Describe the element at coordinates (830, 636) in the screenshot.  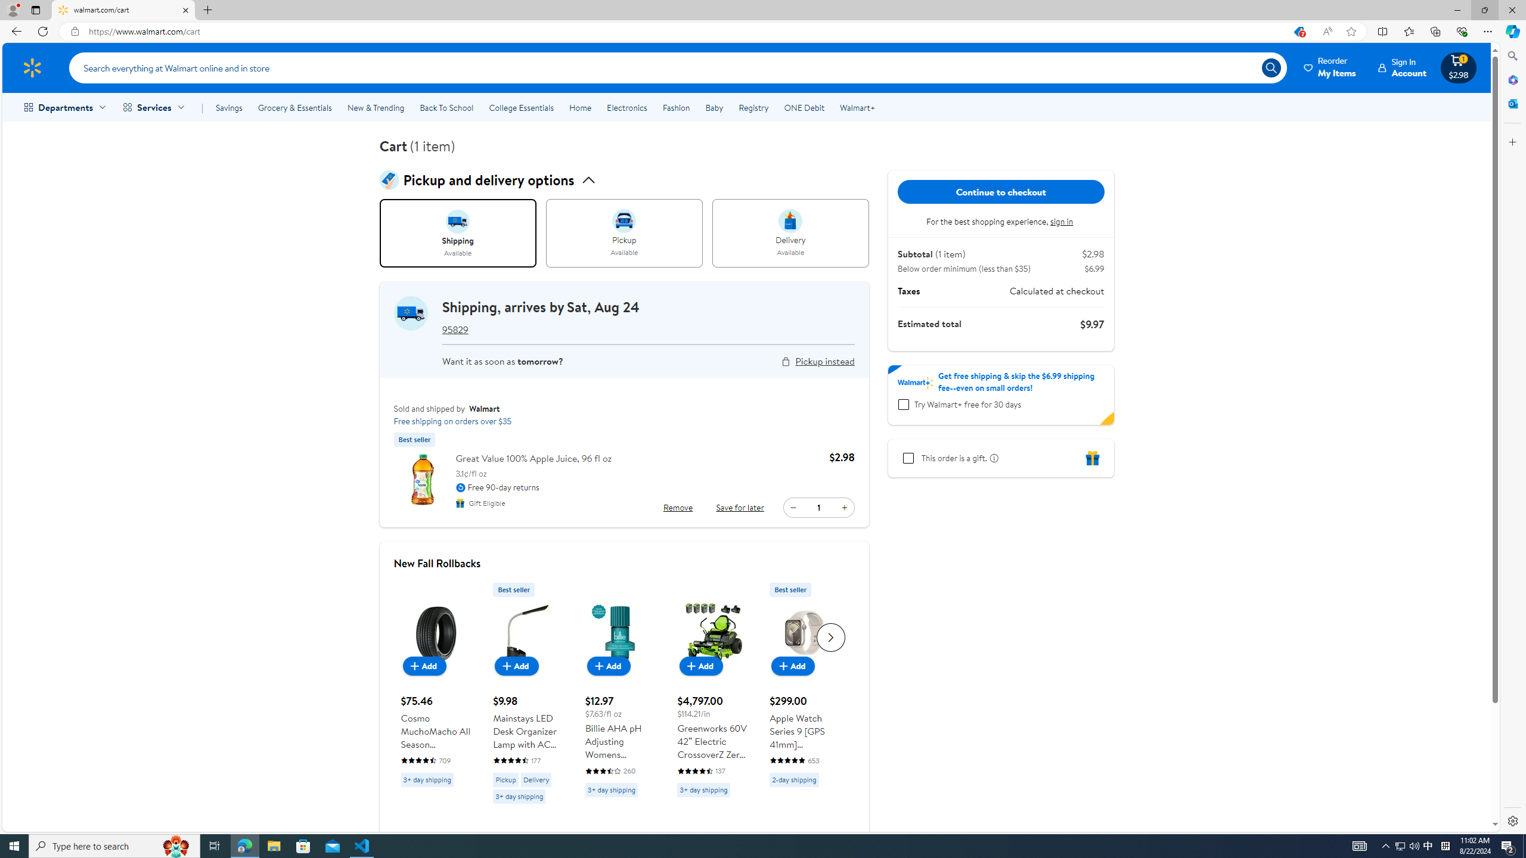
I see `'Next slide for horizontalScrollerRecommendations list'` at that location.